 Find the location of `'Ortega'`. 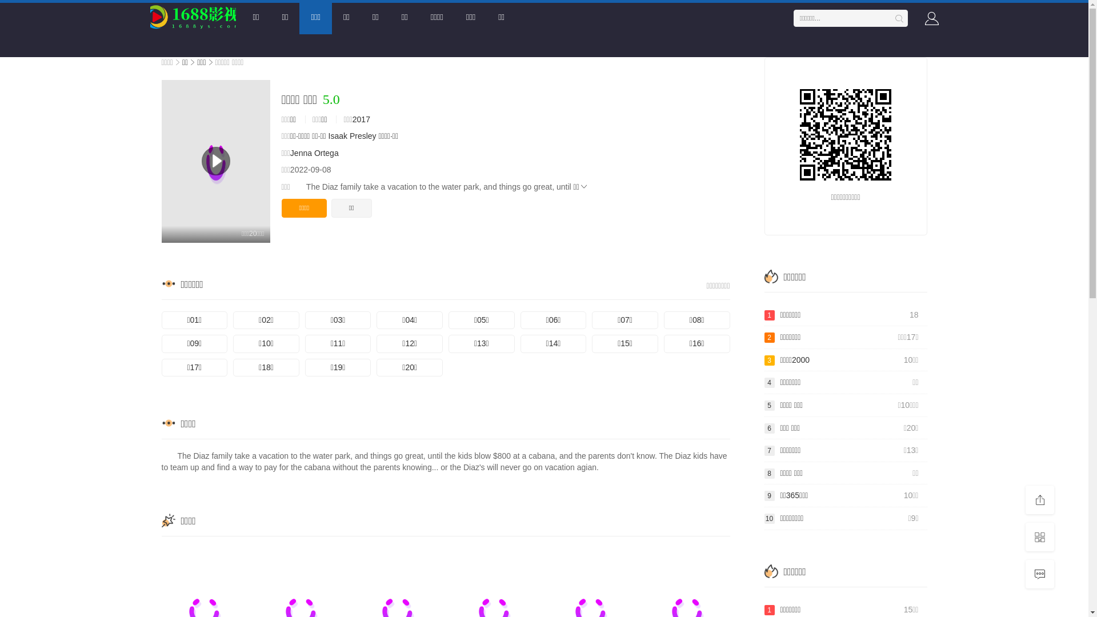

'Ortega' is located at coordinates (326, 152).